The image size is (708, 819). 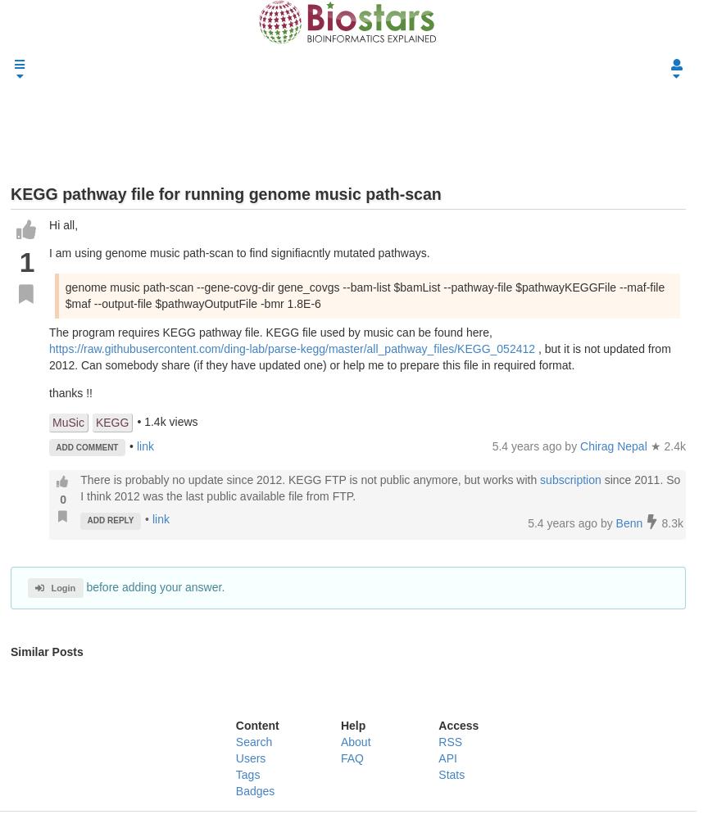 I want to click on 'There is probably no update since 2012. KEGG FTP is not public anymore, but works with', so click(x=79, y=479).